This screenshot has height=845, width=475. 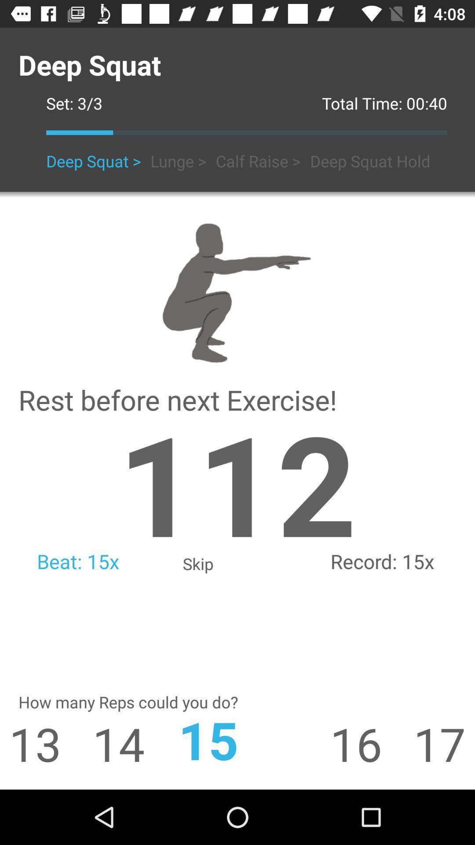 I want to click on the app next to 15 item, so click(x=372, y=743).